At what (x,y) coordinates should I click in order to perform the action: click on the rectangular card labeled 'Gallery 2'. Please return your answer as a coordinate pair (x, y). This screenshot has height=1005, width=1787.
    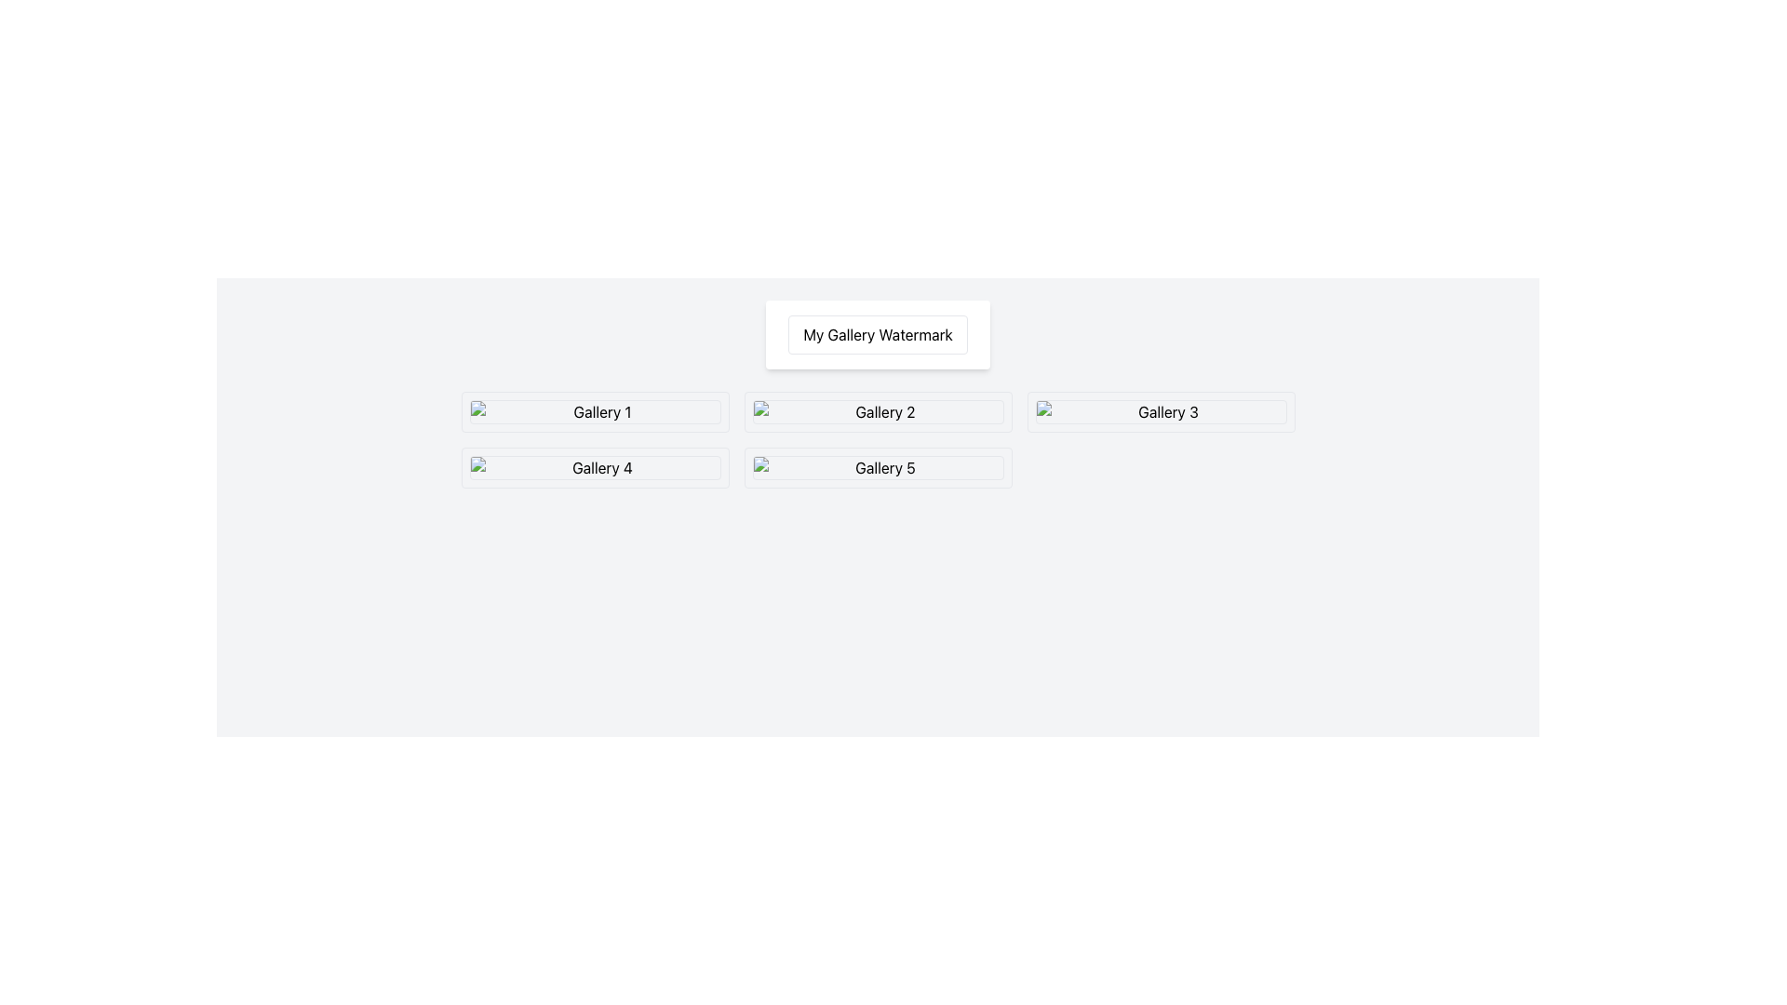
    Looking at the image, I should click on (877, 411).